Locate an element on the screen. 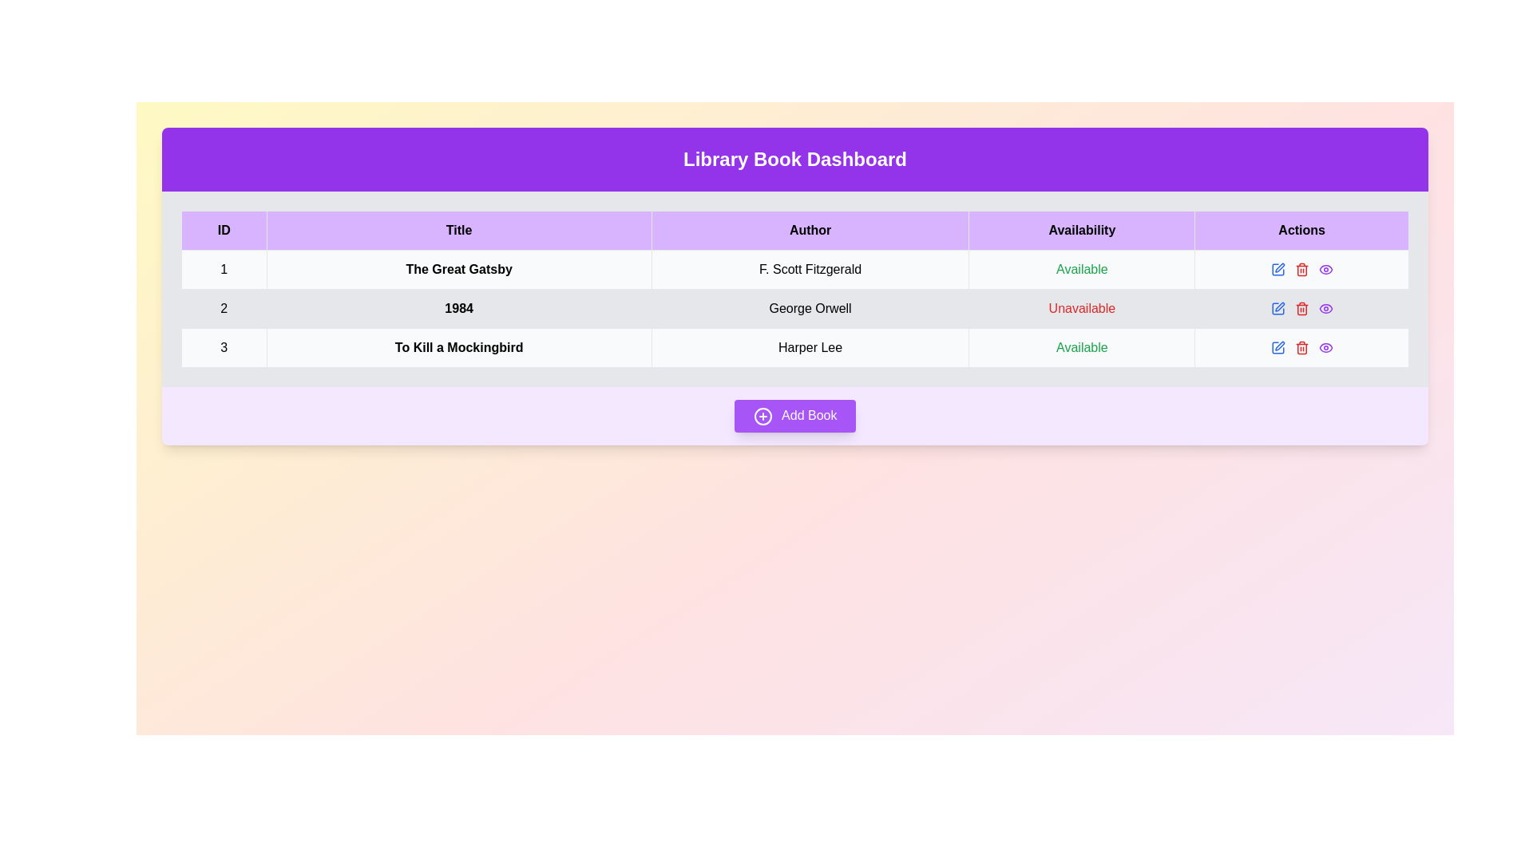  the Circle SVG graphical shape that is part of the 'Add Book' button, located at the bottom center of the interface beneath the book information table is located at coordinates (762, 415).